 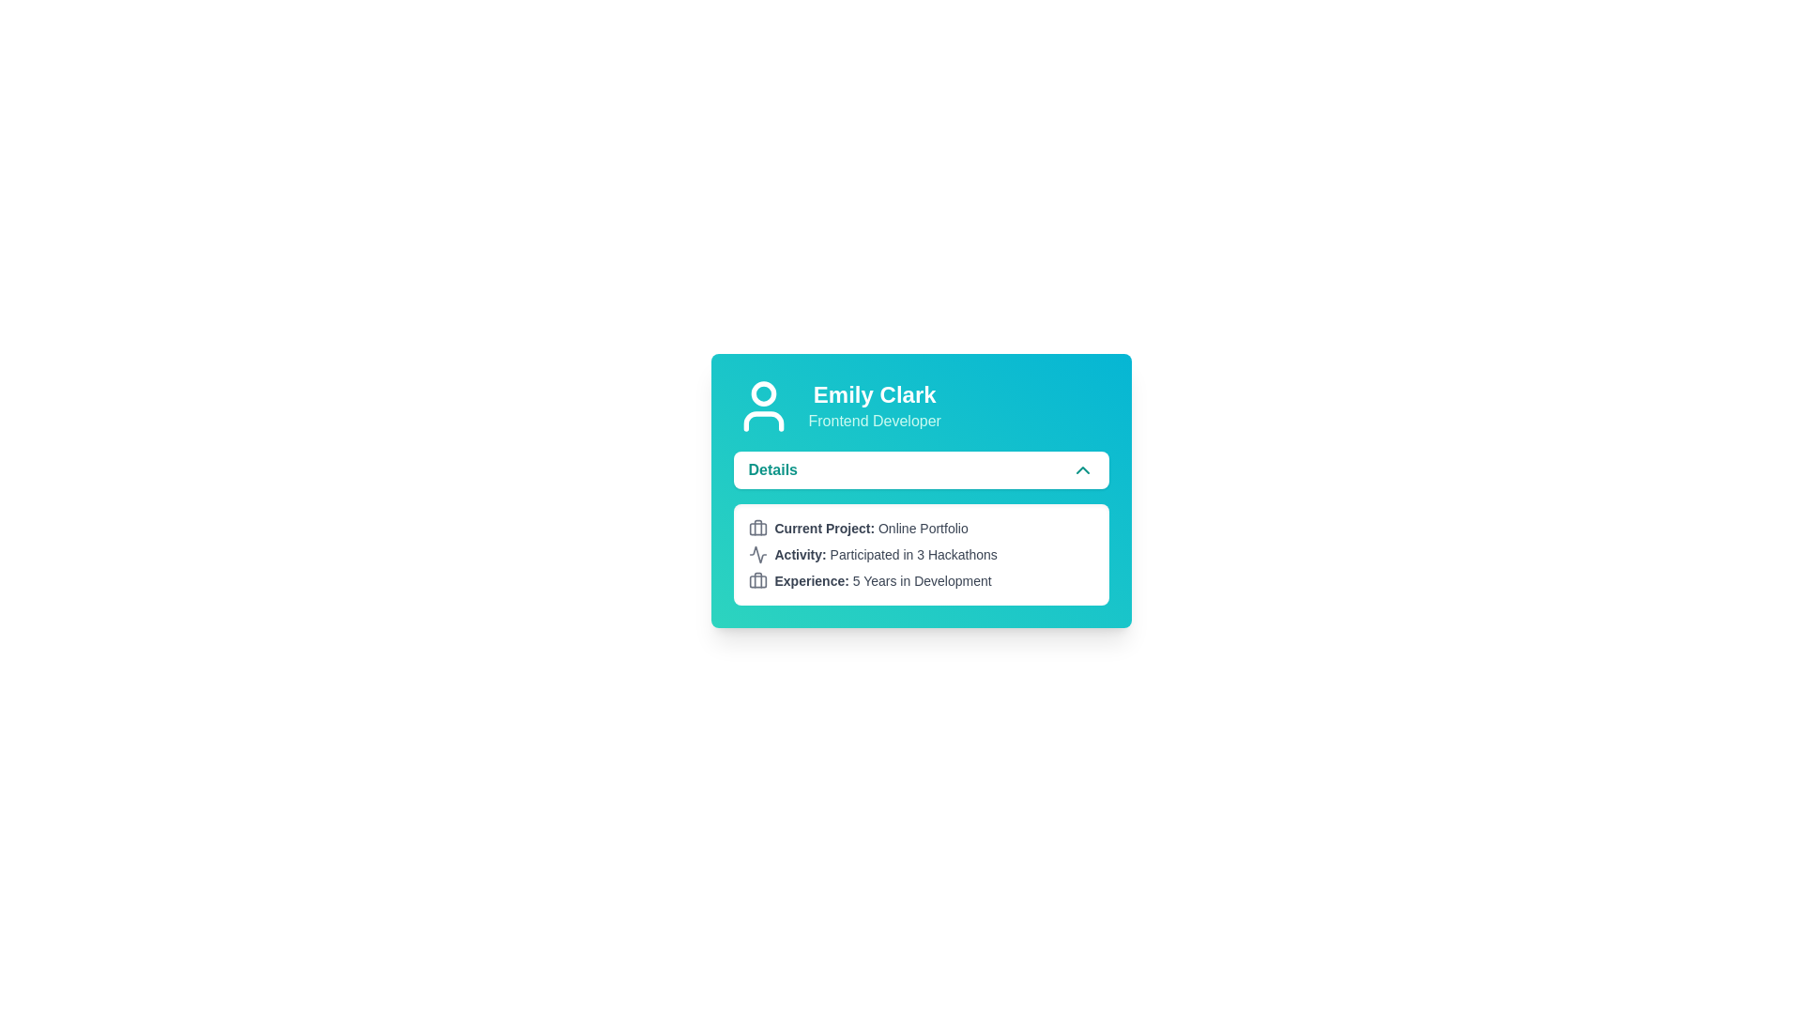 What do you see at coordinates (801, 553) in the screenshot?
I see `the 'Activity' label that indicates the content of the associated text in the user profile detail card` at bounding box center [801, 553].